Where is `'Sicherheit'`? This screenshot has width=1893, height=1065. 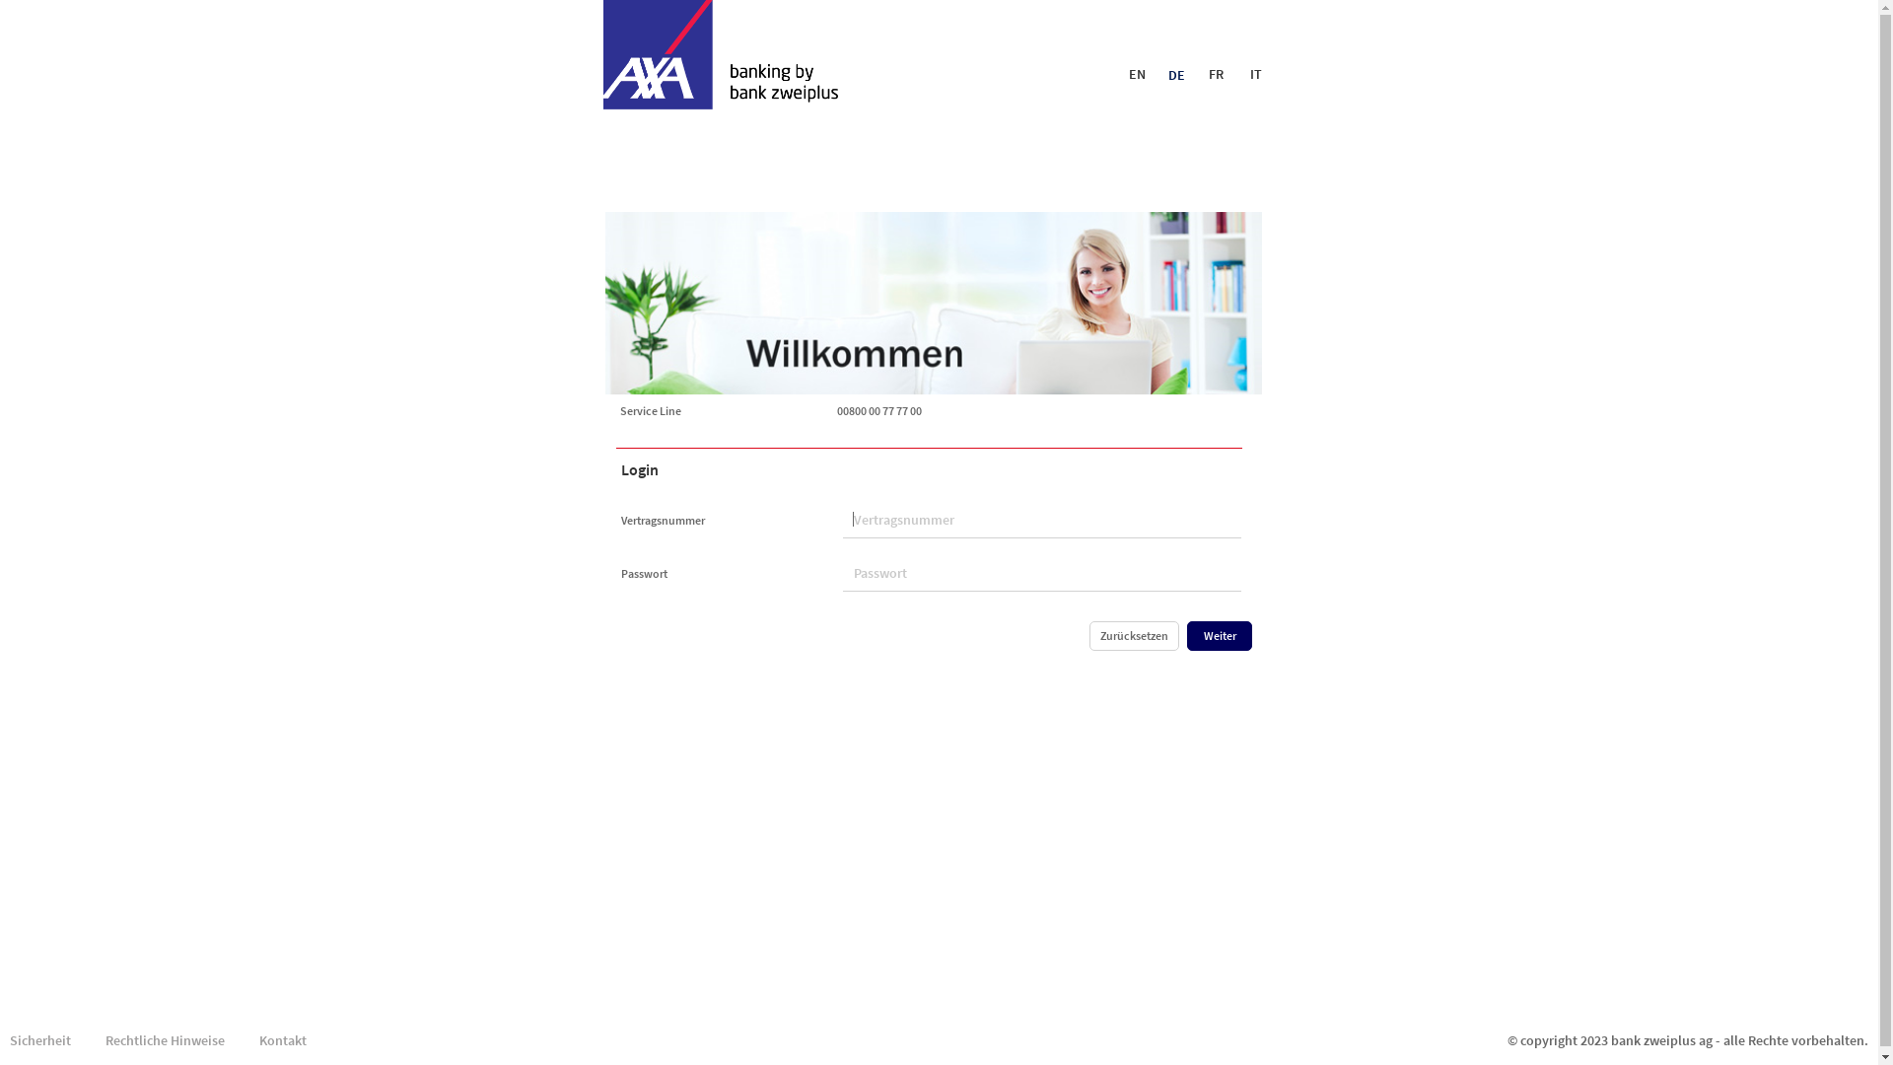 'Sicherheit' is located at coordinates (0, 1039).